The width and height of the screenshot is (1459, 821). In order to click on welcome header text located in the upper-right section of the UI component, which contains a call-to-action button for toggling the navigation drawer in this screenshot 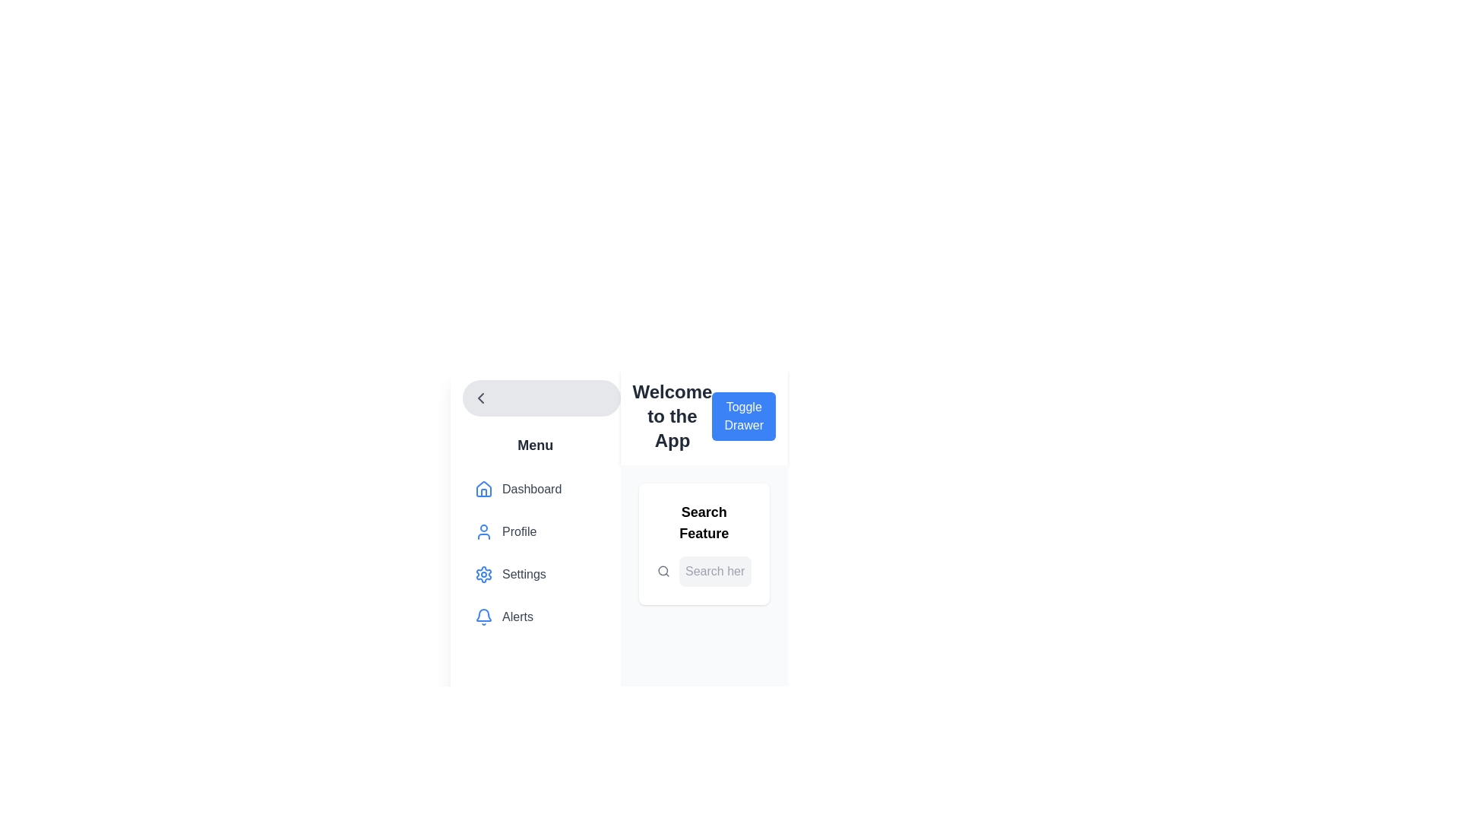, I will do `click(703, 416)`.